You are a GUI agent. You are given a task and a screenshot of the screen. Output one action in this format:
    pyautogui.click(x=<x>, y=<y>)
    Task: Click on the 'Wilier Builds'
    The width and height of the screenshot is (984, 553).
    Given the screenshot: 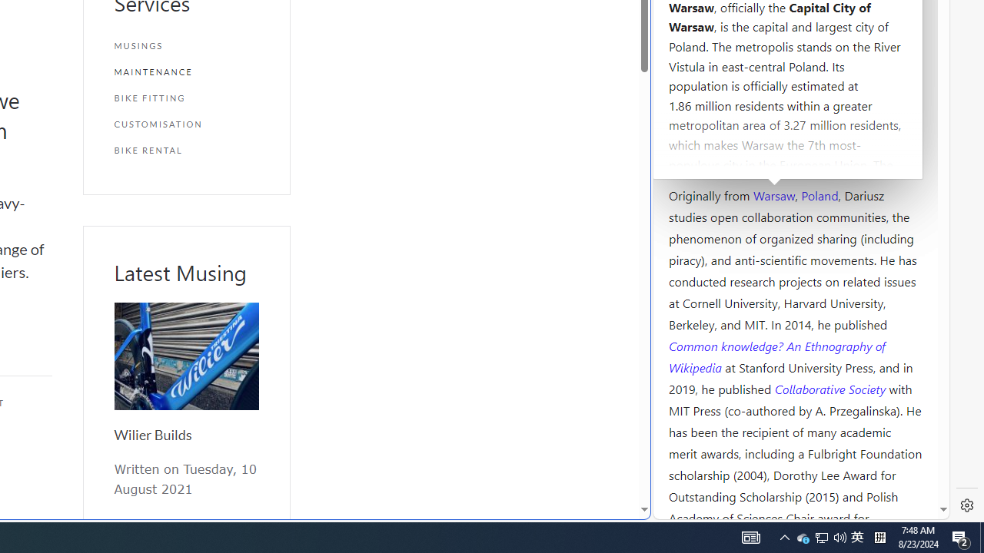 What is the action you would take?
    pyautogui.click(x=153, y=435)
    